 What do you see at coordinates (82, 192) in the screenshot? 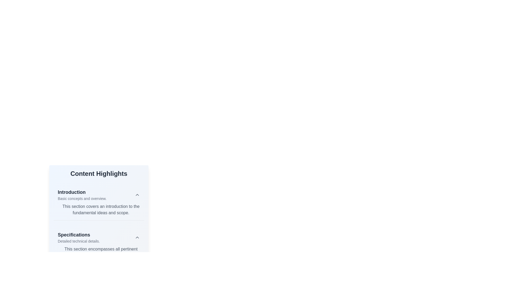
I see `the prominent title labeled 'Introduction' which is styled with a larger font size and bold text in dark gray color, located at the top of the 'Content Highlights' section` at bounding box center [82, 192].